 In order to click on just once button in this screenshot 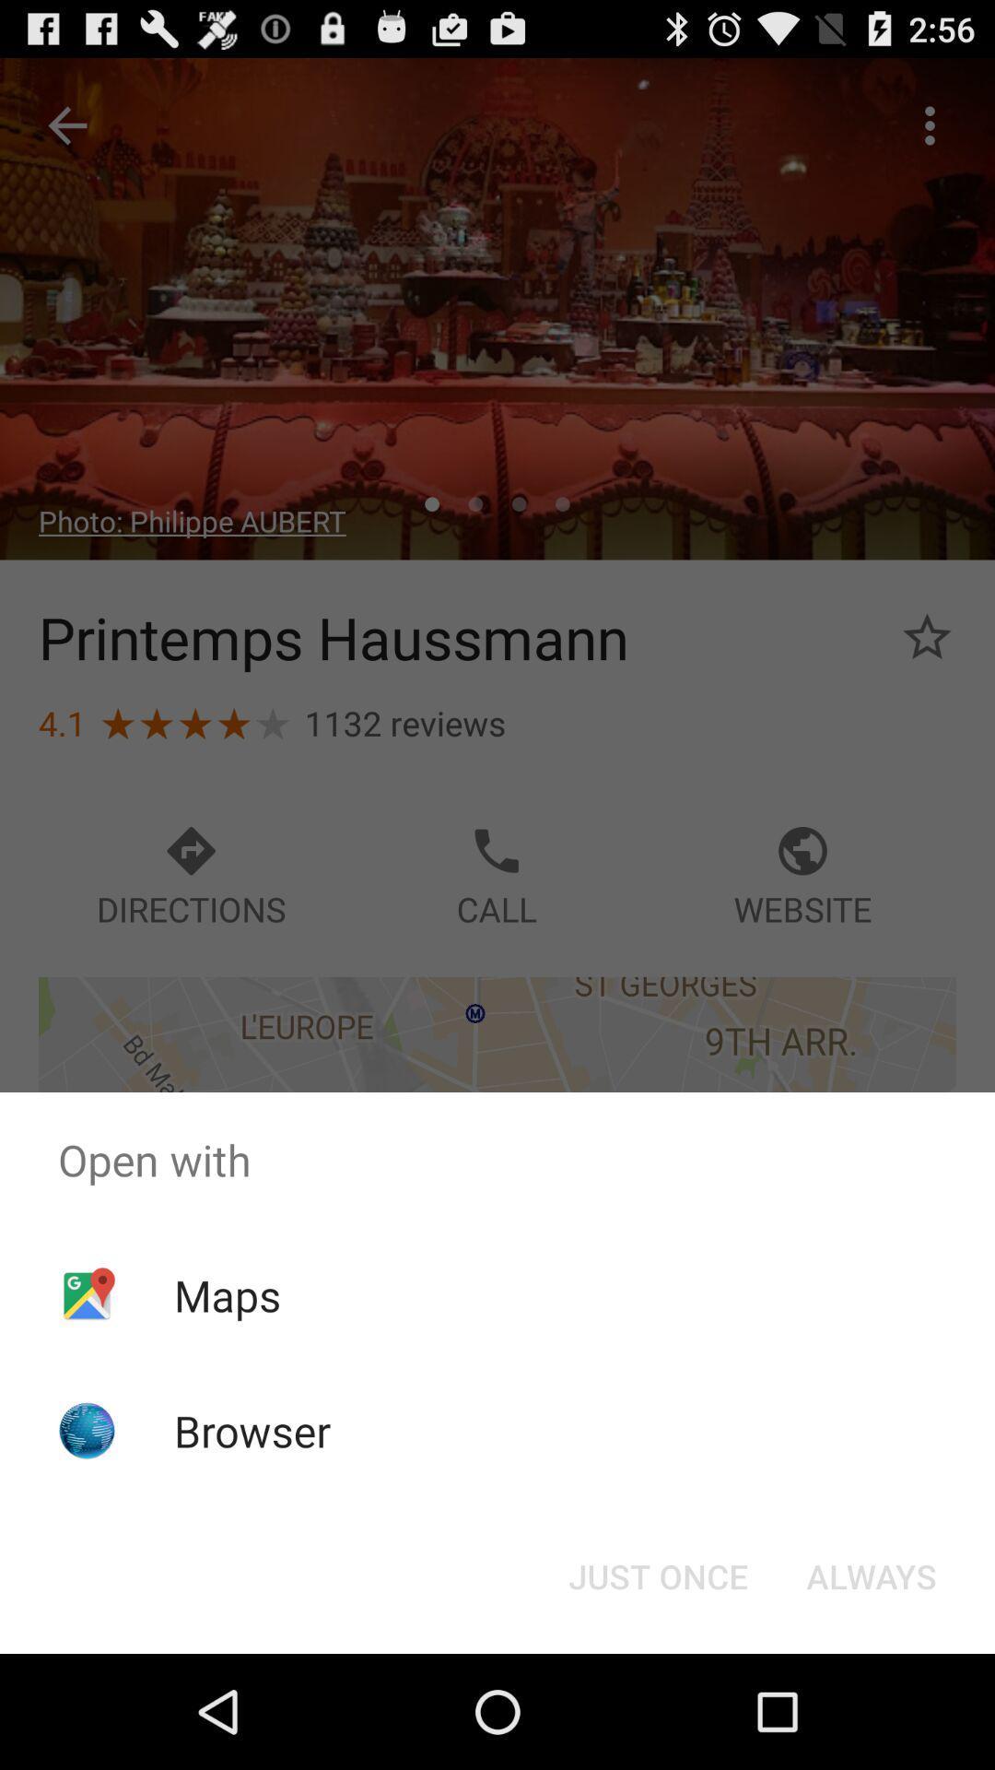, I will do `click(657, 1575)`.